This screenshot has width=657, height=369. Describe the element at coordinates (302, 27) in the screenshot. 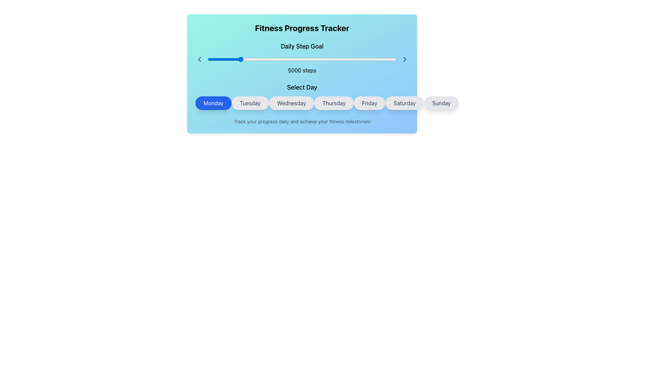

I see `the static text header indicating the purpose of the fitness progress tracker, which is positioned above the 'Daily Step Goal' text` at that location.